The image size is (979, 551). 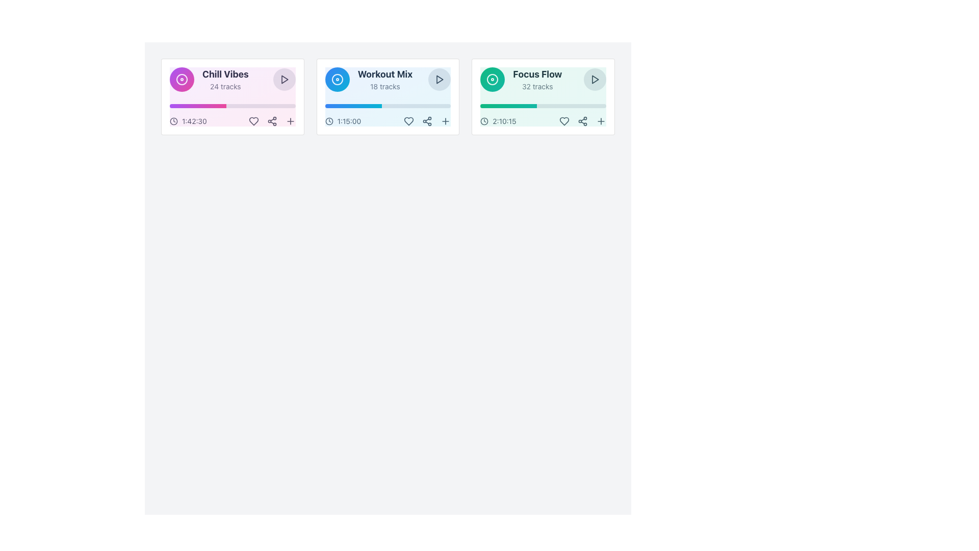 What do you see at coordinates (595, 79) in the screenshot?
I see `the play button located in the top-right section of the 'Focus Flow' card` at bounding box center [595, 79].